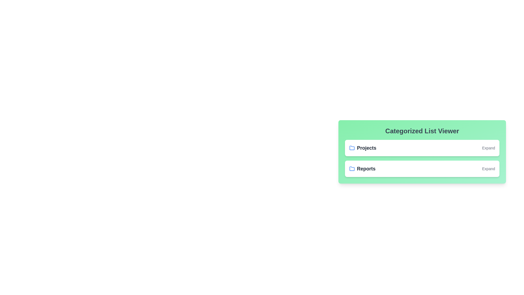 This screenshot has width=524, height=295. Describe the element at coordinates (489, 148) in the screenshot. I see `the 'Expand' button for the Projects category` at that location.